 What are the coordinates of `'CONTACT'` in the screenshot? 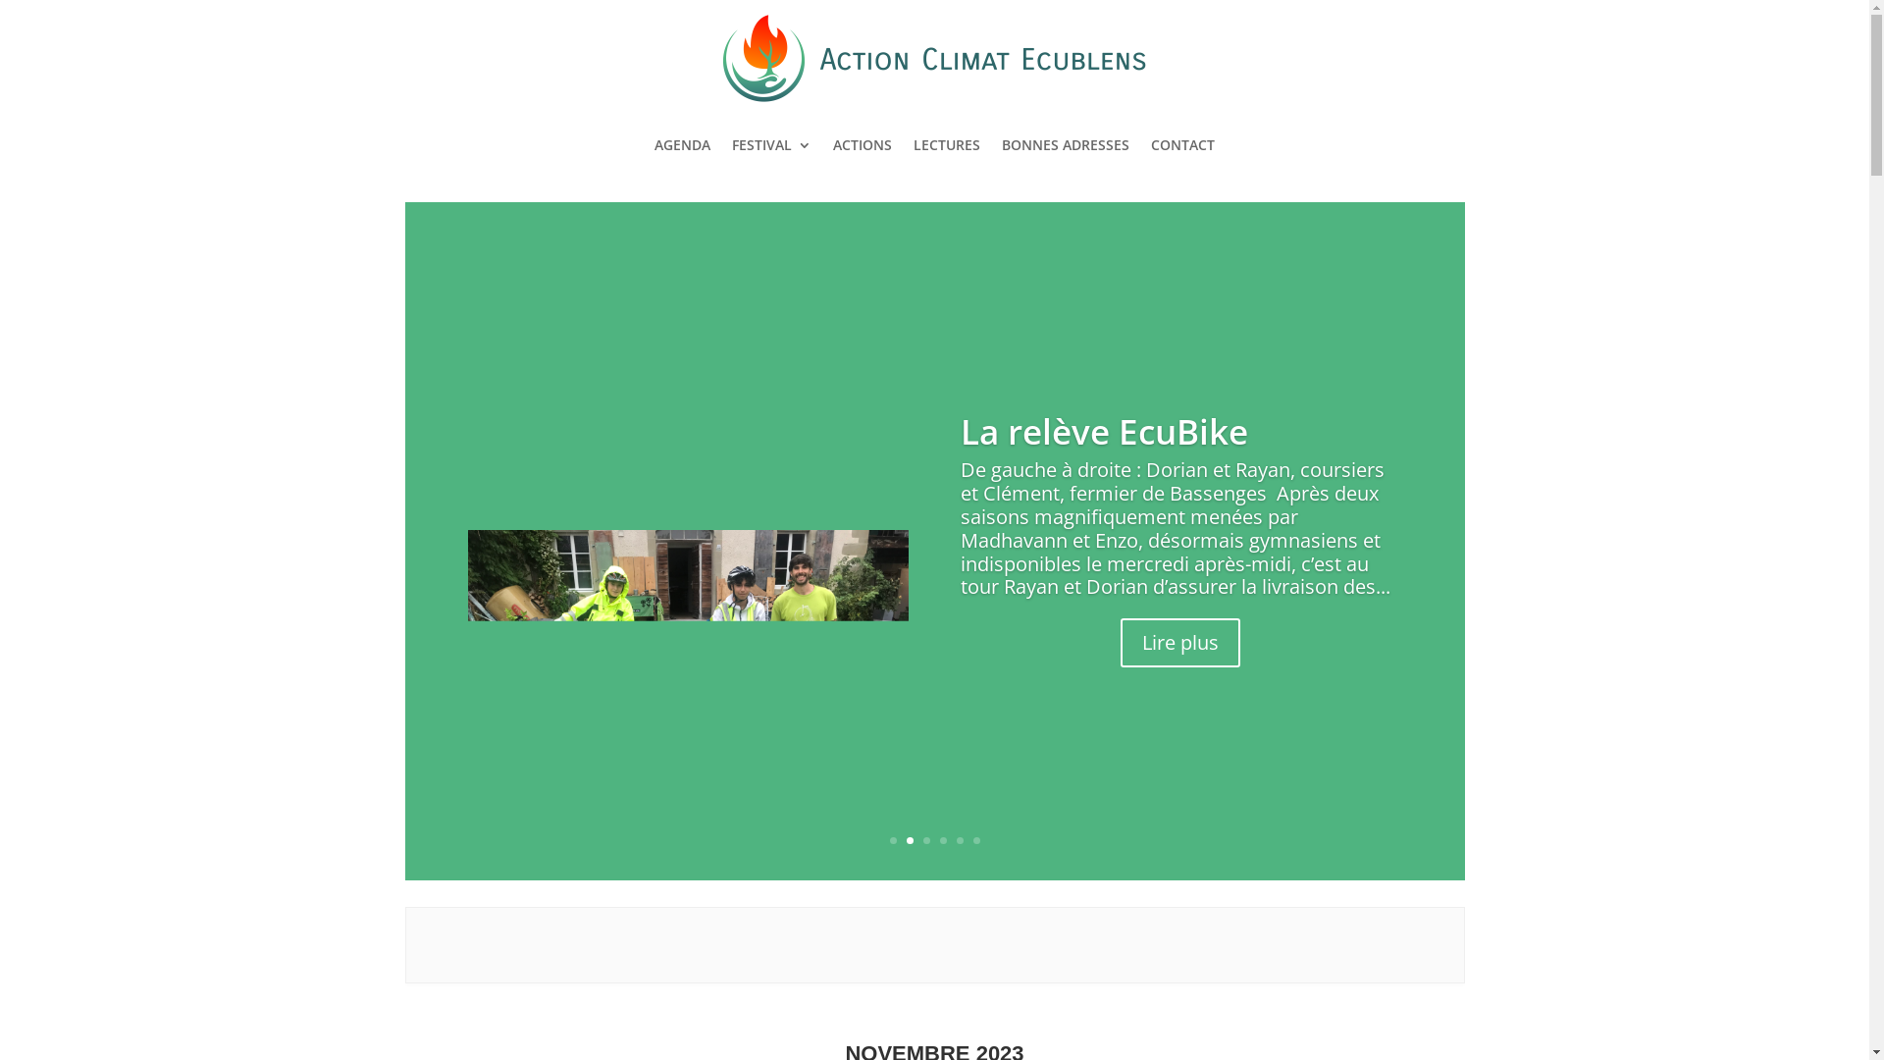 It's located at (1181, 143).